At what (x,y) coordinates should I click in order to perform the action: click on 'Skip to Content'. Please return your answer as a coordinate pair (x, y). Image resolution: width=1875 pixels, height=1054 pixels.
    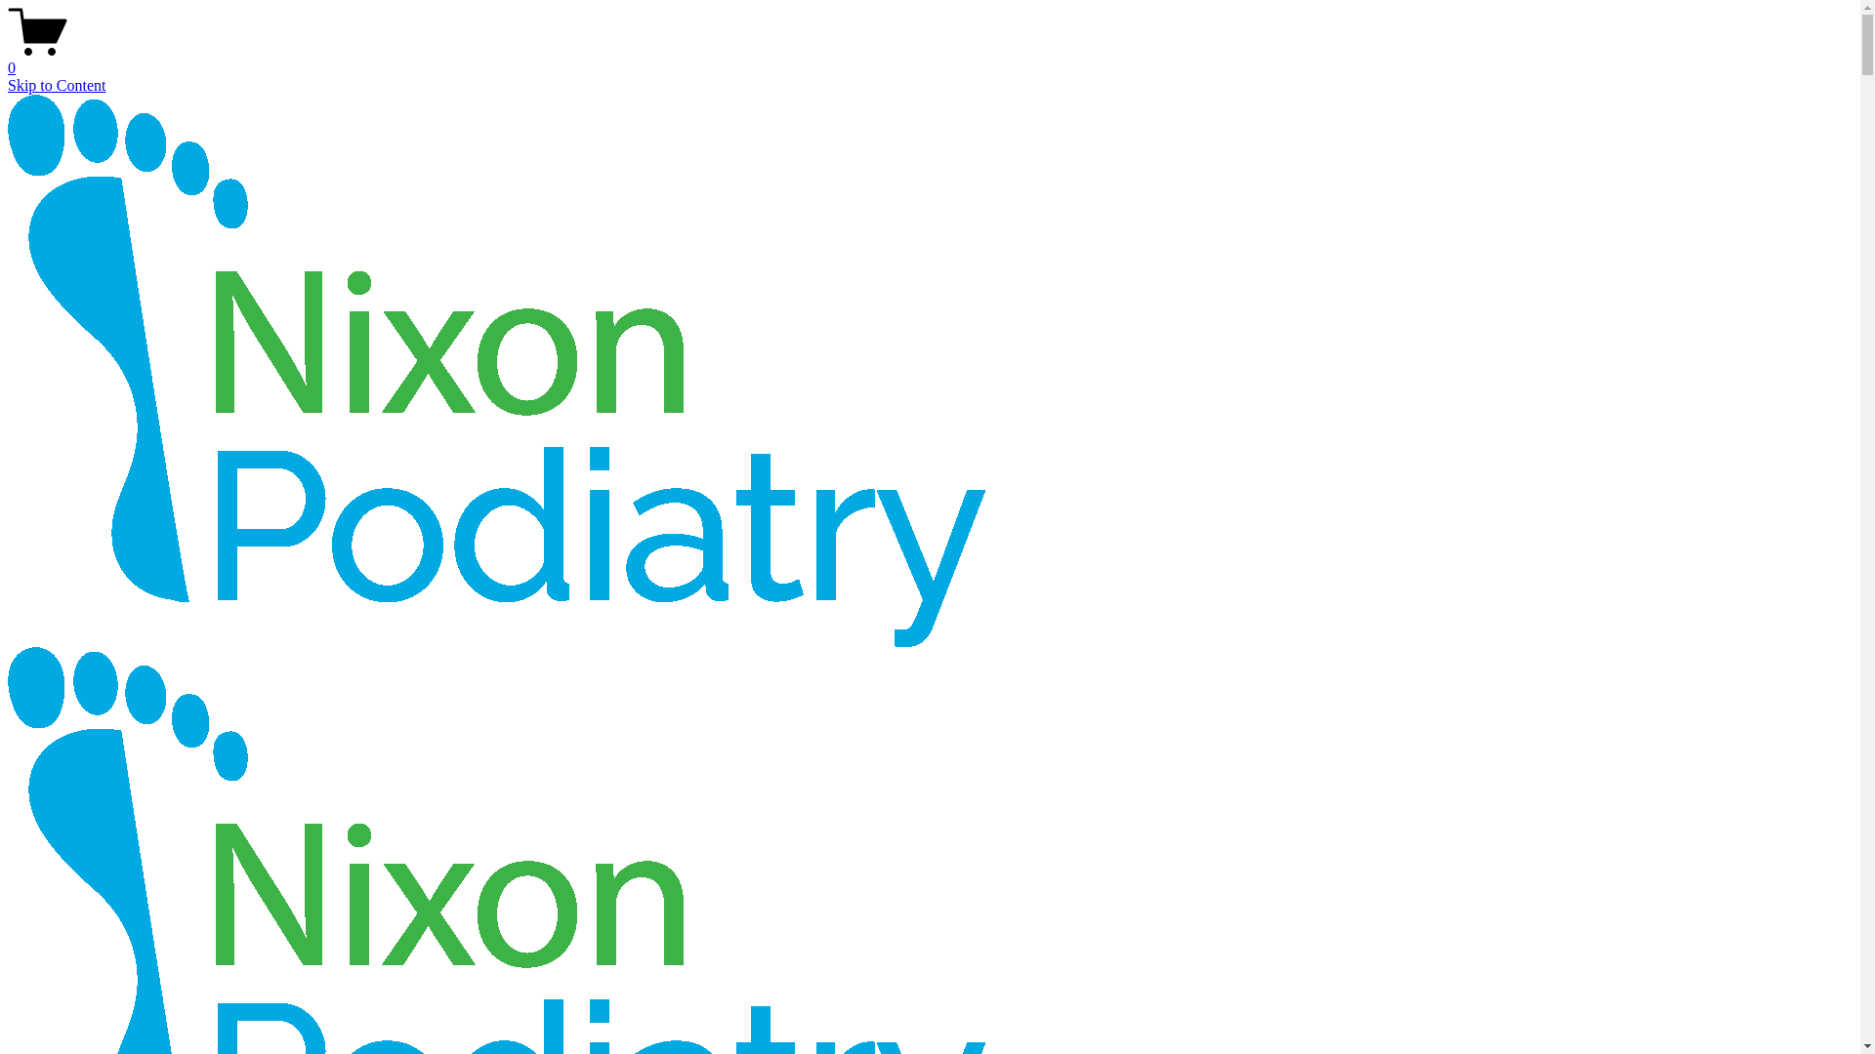
    Looking at the image, I should click on (56, 84).